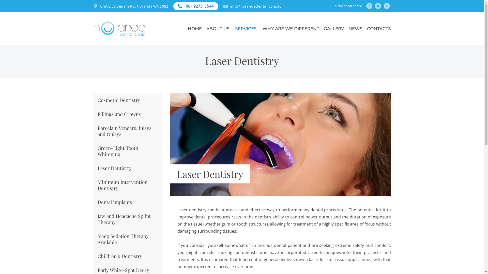  I want to click on '(08) 9275 3544', so click(199, 6).